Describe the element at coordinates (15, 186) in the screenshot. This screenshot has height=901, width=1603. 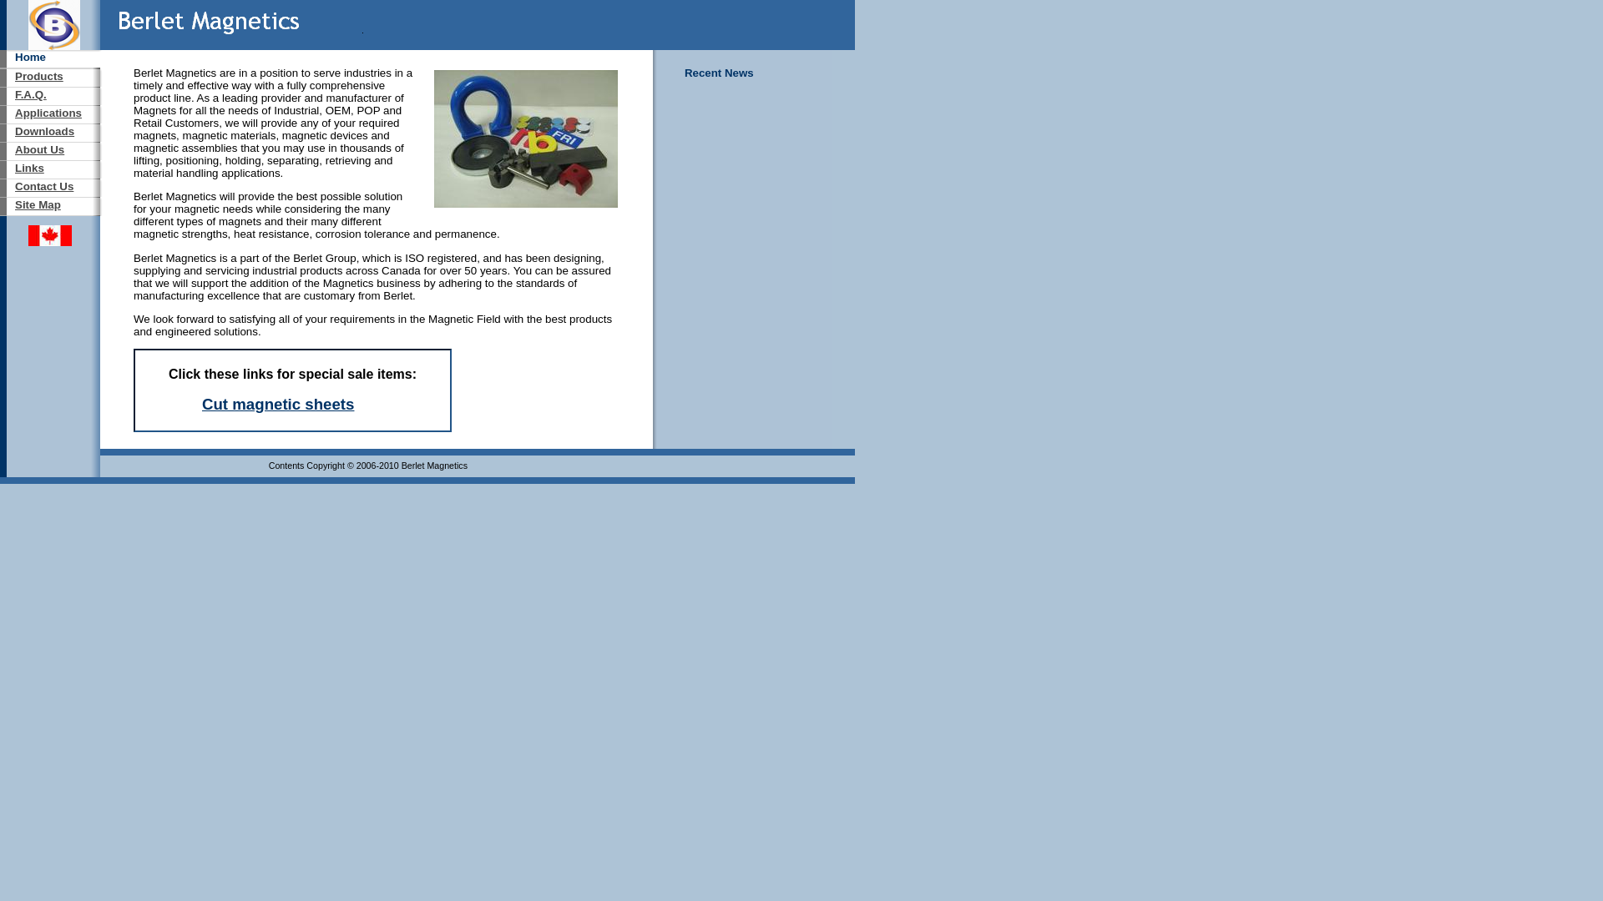
I see `'Contact Us'` at that location.